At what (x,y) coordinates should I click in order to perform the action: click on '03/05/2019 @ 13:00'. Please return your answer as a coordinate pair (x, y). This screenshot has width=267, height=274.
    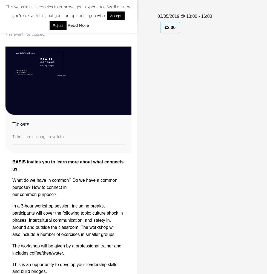
    Looking at the image, I should click on (177, 16).